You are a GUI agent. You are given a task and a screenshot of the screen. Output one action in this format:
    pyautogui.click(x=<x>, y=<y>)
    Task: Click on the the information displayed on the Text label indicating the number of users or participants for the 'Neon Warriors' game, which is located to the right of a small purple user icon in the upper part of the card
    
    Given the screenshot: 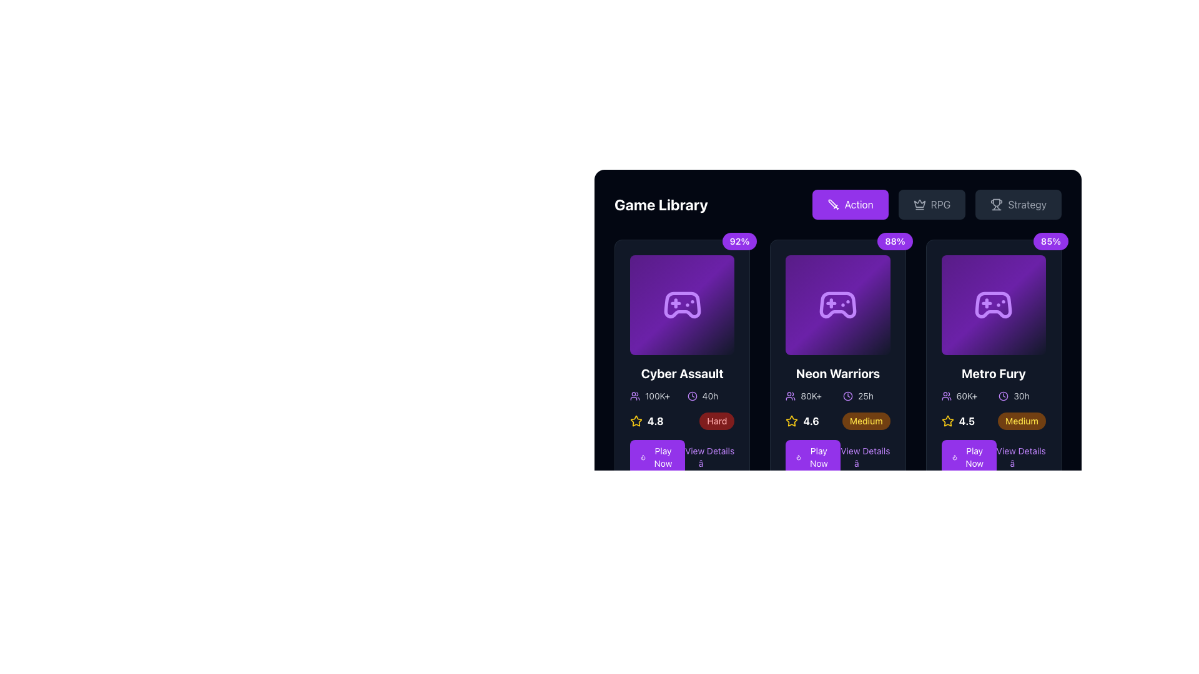 What is the action you would take?
    pyautogui.click(x=811, y=396)
    